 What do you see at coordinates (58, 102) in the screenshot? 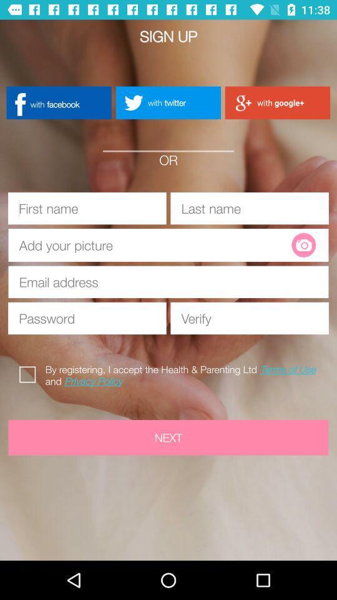
I see `the with facebook at the top left corner` at bounding box center [58, 102].